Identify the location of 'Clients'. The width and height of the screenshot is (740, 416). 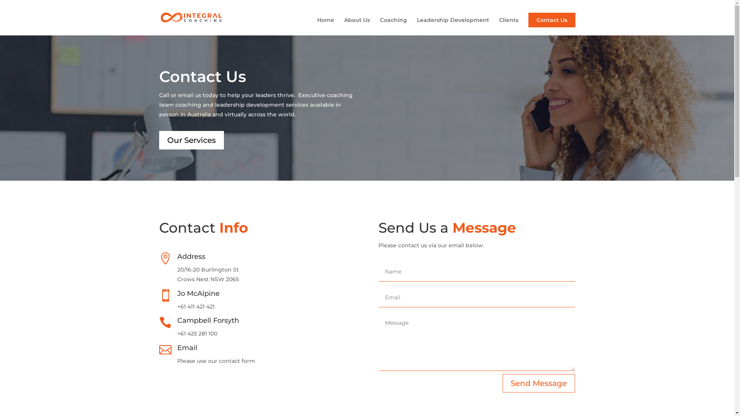
(508, 26).